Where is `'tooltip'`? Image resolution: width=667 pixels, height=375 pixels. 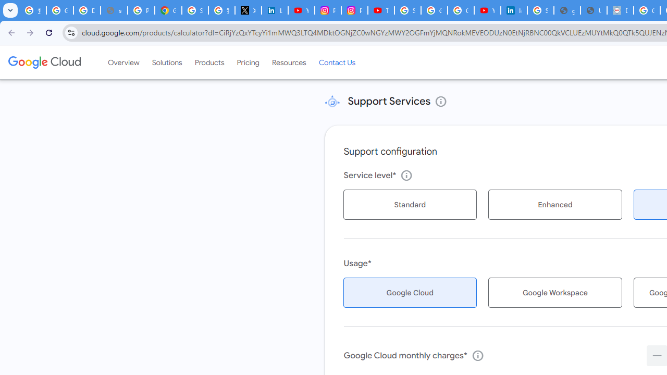 'tooltip' is located at coordinates (477, 355).